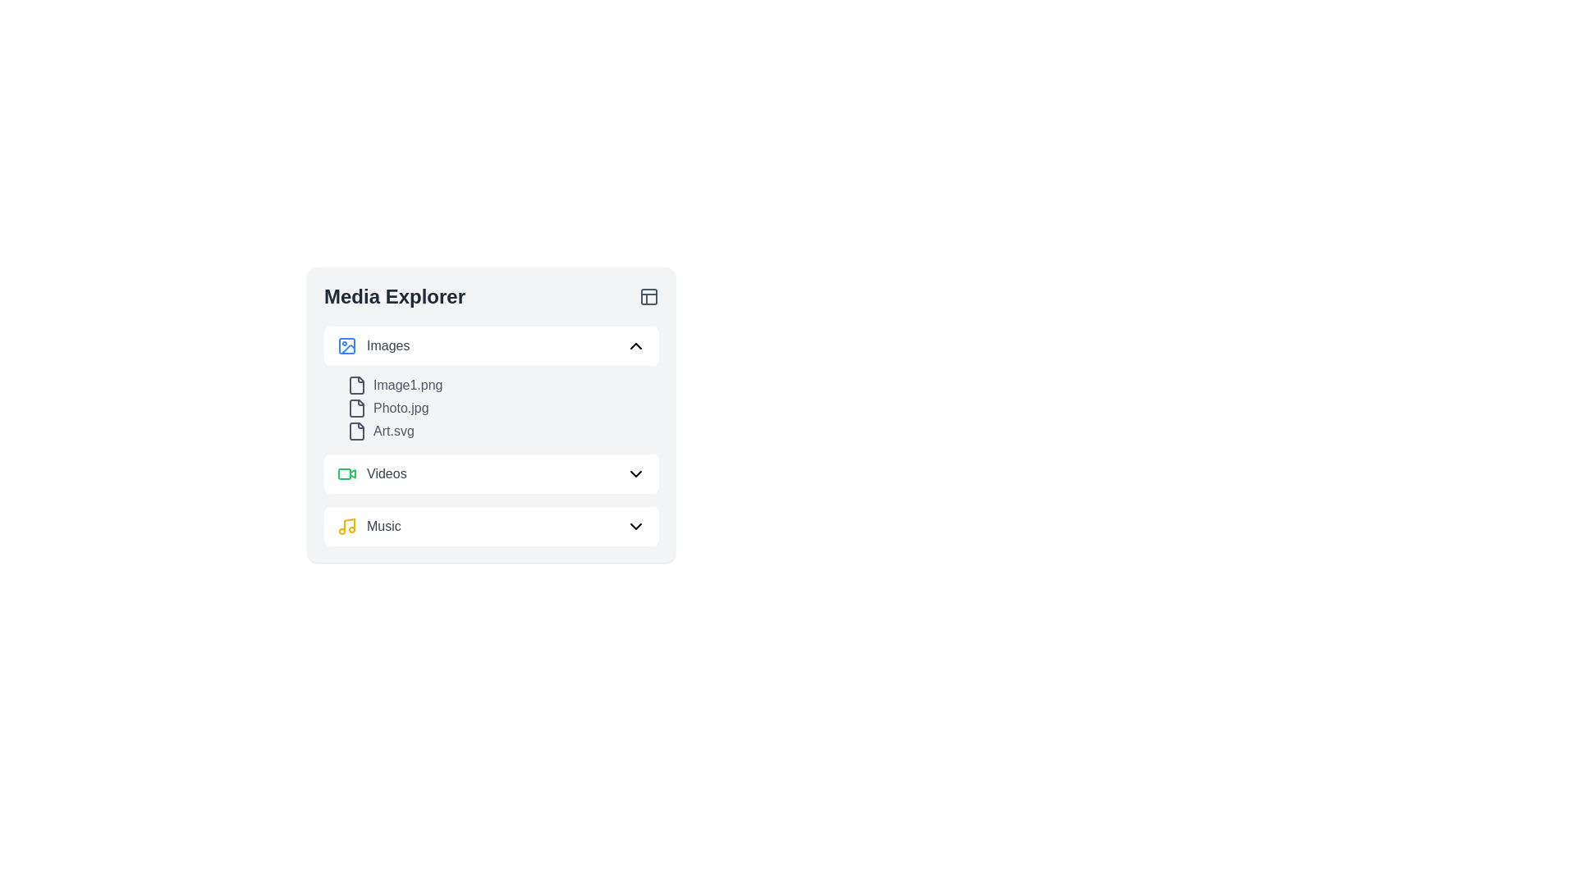  I want to click on the chevron icon pointing upwards on the right side of the 'Images' dropdown, so click(635, 345).